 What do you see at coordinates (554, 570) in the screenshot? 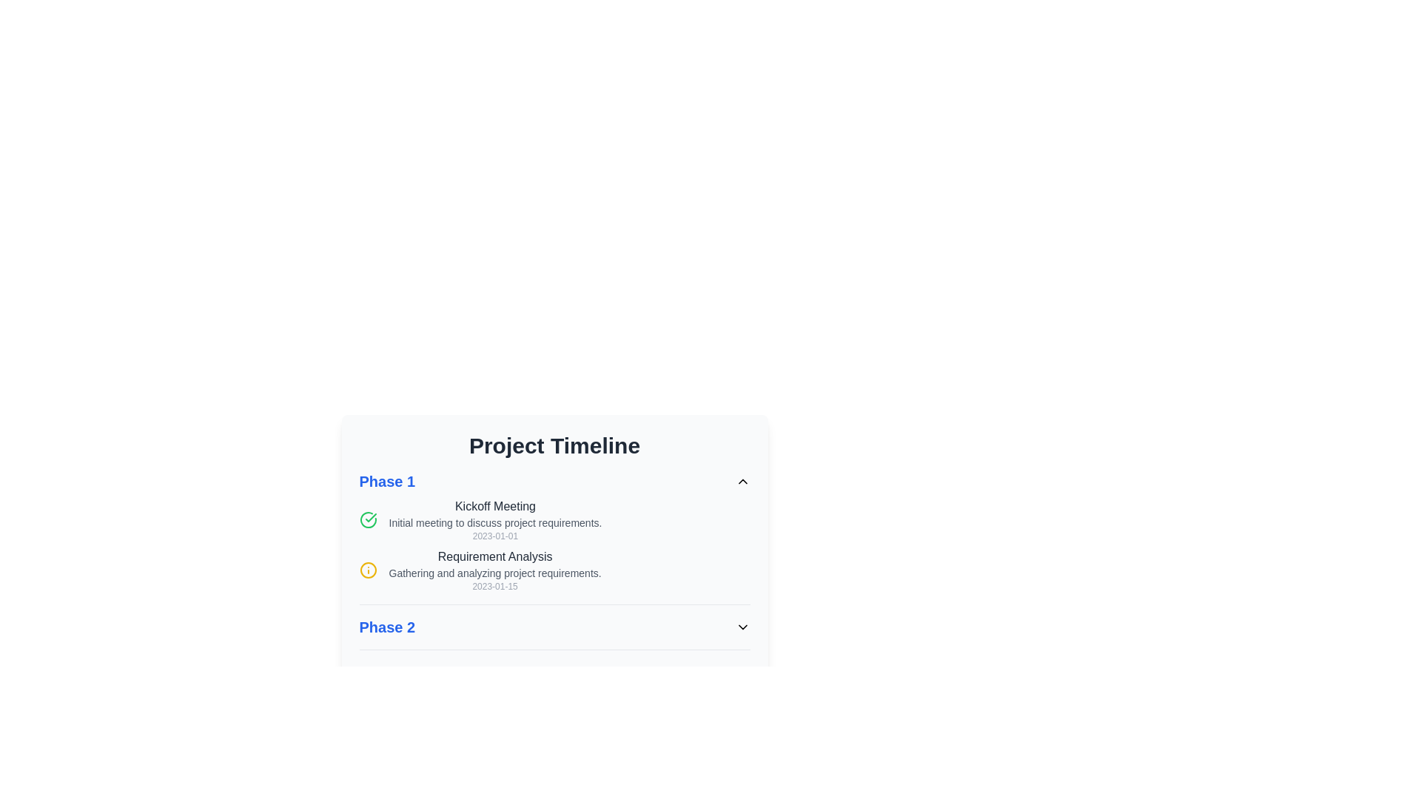
I see `the 'Requirement Analysis' phase text block with an icon located below 'Kickoff Meeting' in the timeline labeled 'Phase 1'` at bounding box center [554, 570].